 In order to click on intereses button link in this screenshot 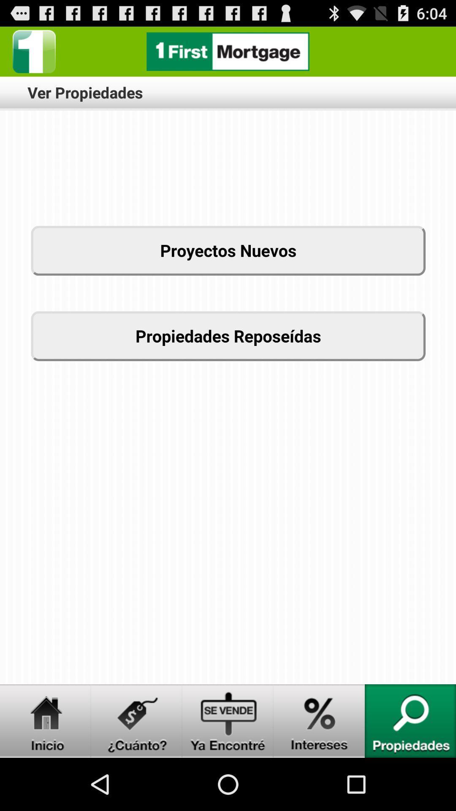, I will do `click(319, 721)`.